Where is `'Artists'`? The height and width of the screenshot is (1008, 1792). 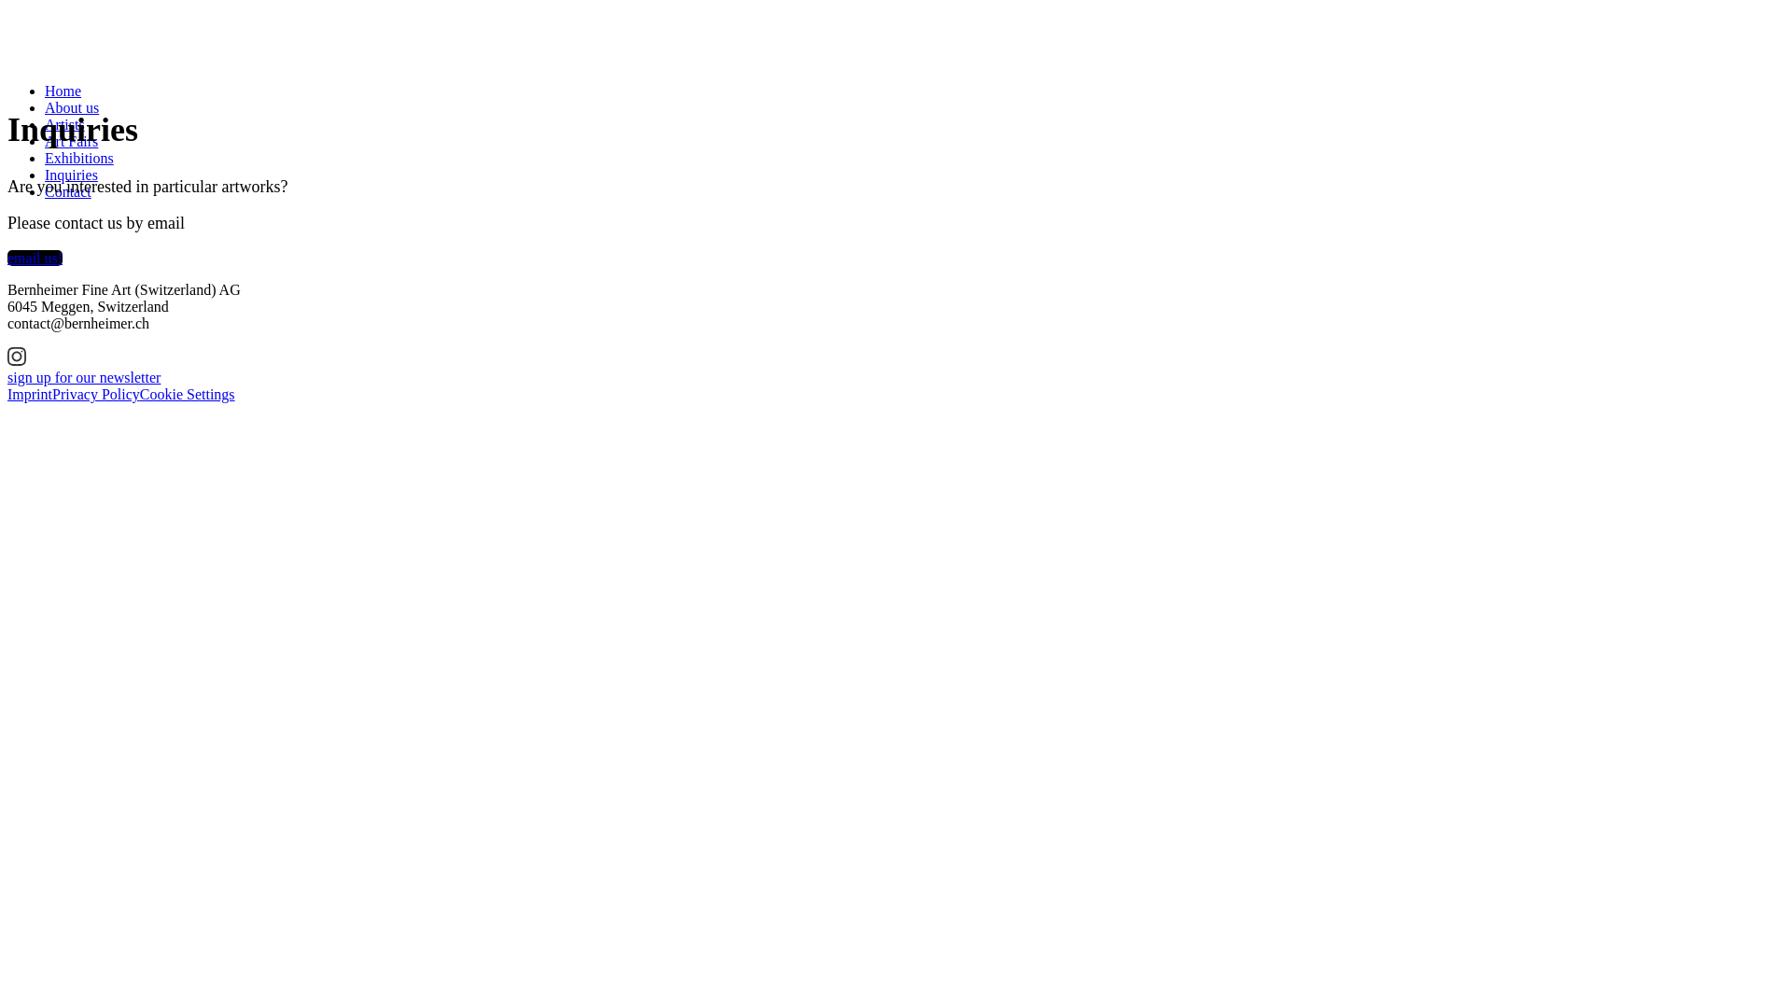 'Artists' is located at coordinates (64, 124).